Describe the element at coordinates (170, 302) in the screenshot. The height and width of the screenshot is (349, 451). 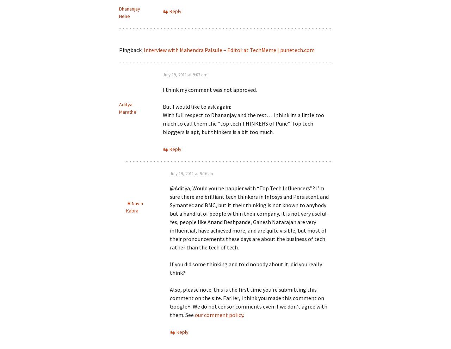
I see `'Also, please note: this is the first time you’re submitting this comment on the site. Earlier, I think you made this comment on Google+. We do not censor comments even if we don’t agree with them. See'` at that location.